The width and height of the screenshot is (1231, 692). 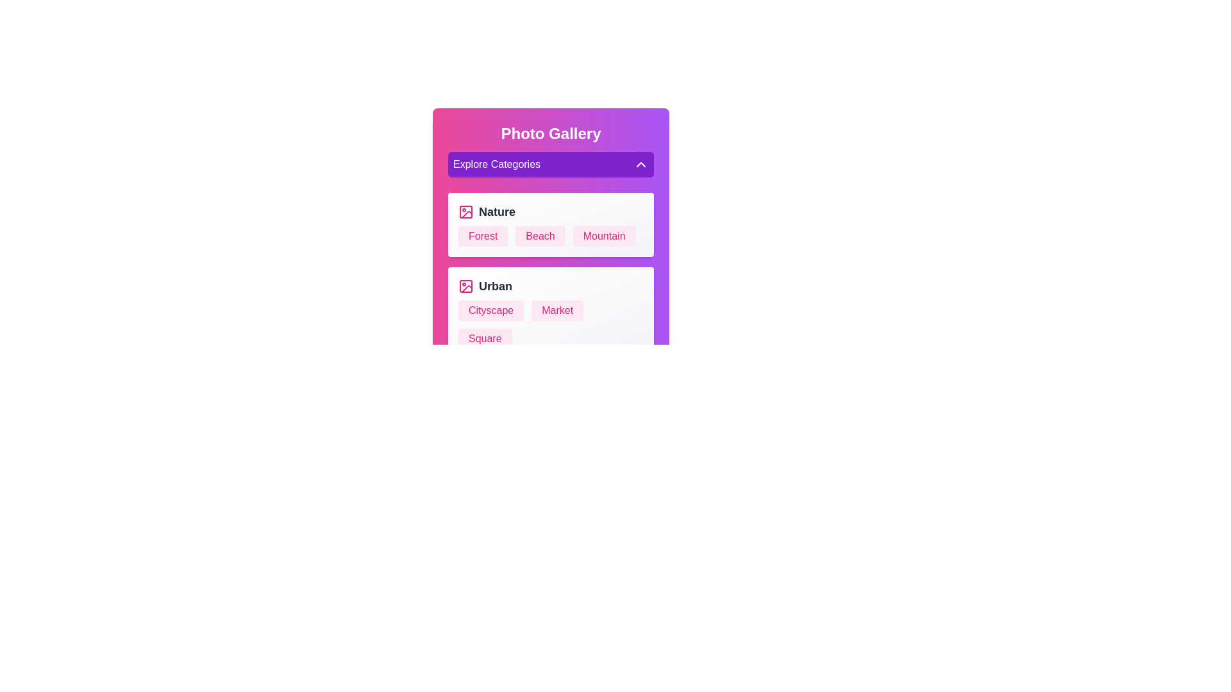 I want to click on the text element labeled 'Forest' to select it, so click(x=482, y=236).